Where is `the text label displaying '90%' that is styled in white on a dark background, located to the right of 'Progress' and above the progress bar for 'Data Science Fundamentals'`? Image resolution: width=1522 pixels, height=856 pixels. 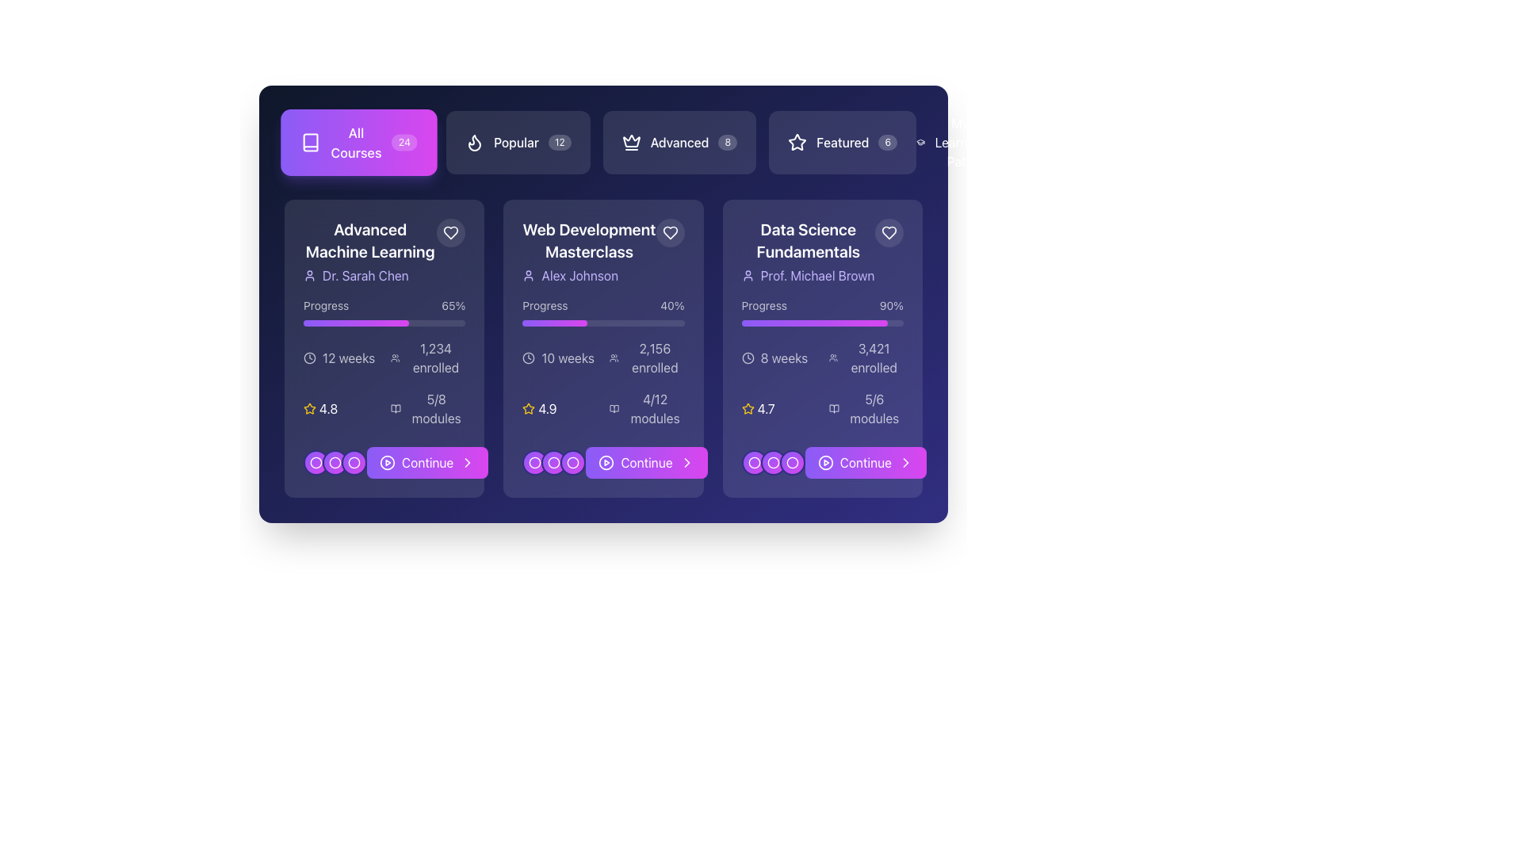 the text label displaying '90%' that is styled in white on a dark background, located to the right of 'Progress' and above the progress bar for 'Data Science Fundamentals' is located at coordinates (891, 305).